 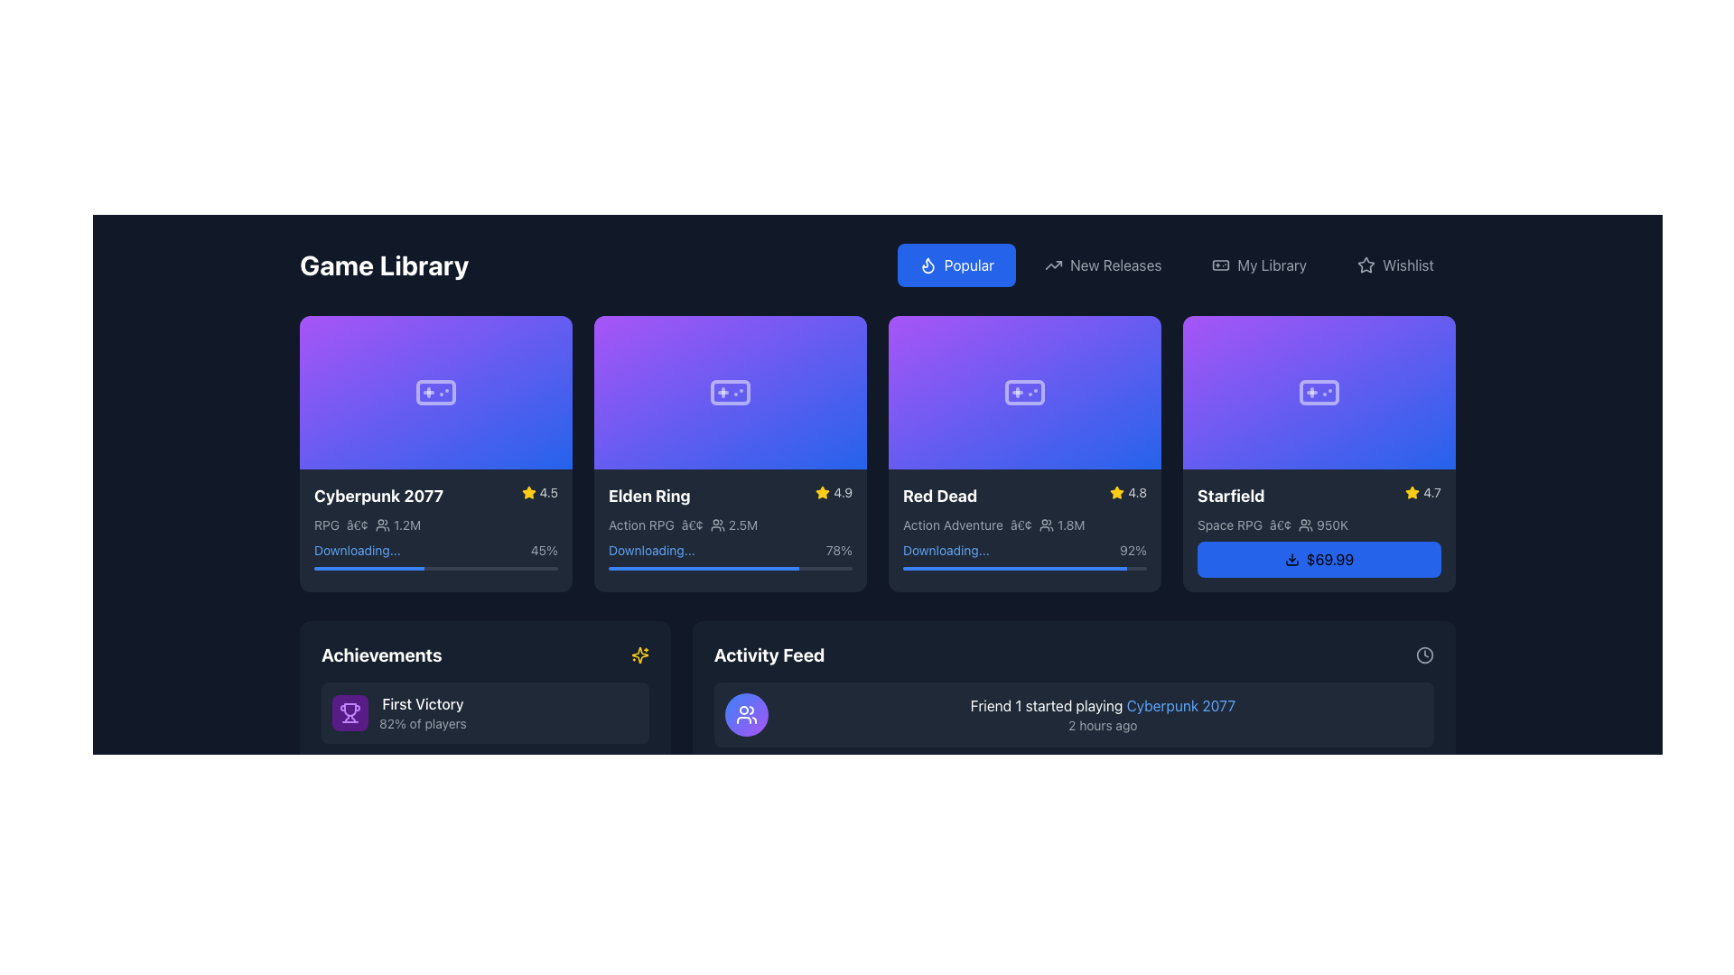 What do you see at coordinates (1114, 265) in the screenshot?
I see `the 'New Releases' text label in the top bar` at bounding box center [1114, 265].